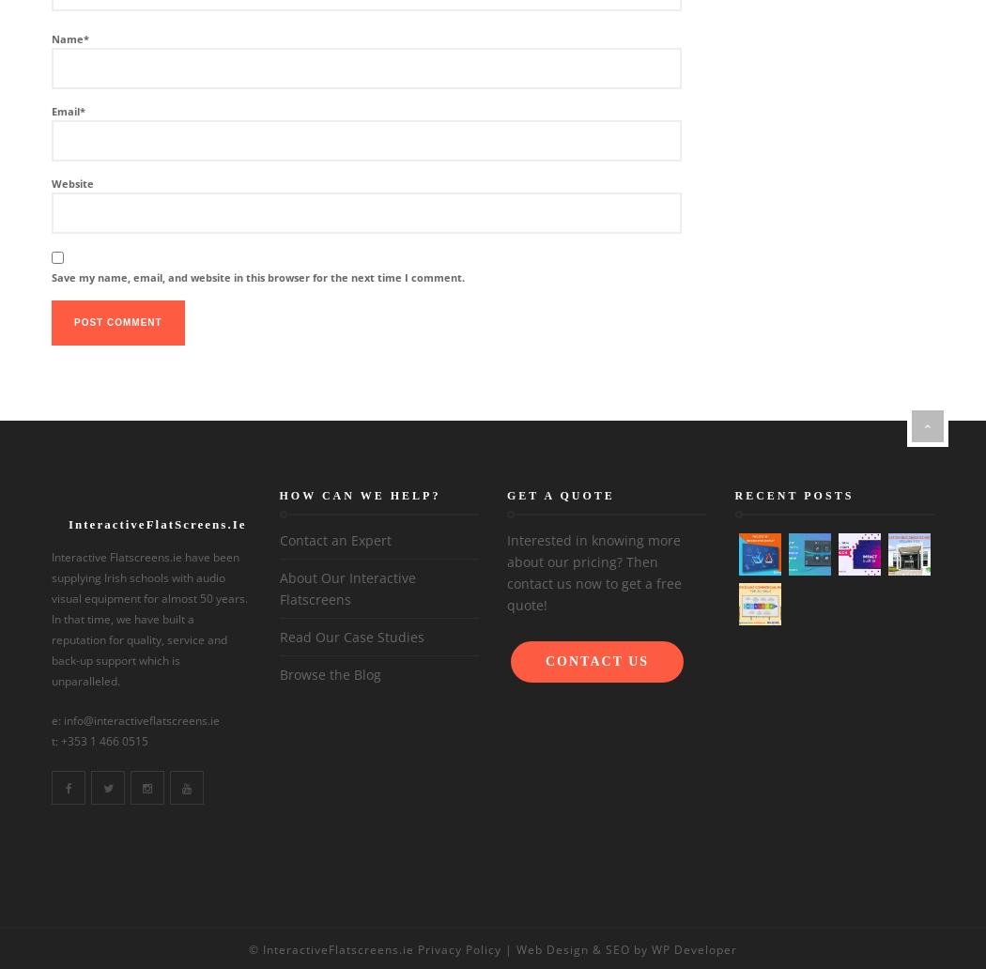 The width and height of the screenshot is (986, 969). What do you see at coordinates (65, 111) in the screenshot?
I see `'Email'` at bounding box center [65, 111].